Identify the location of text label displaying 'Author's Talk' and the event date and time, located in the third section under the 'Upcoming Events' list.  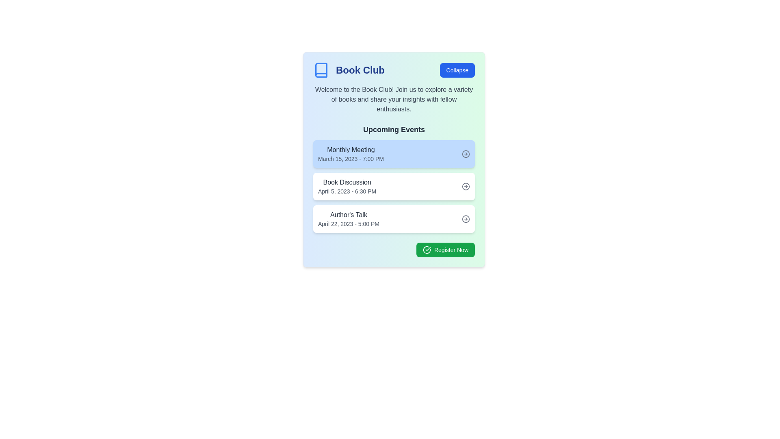
(349, 219).